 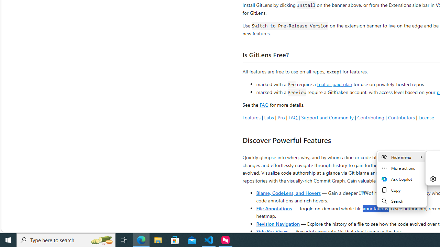 I want to click on 'Ask Copilot', so click(x=401, y=179).